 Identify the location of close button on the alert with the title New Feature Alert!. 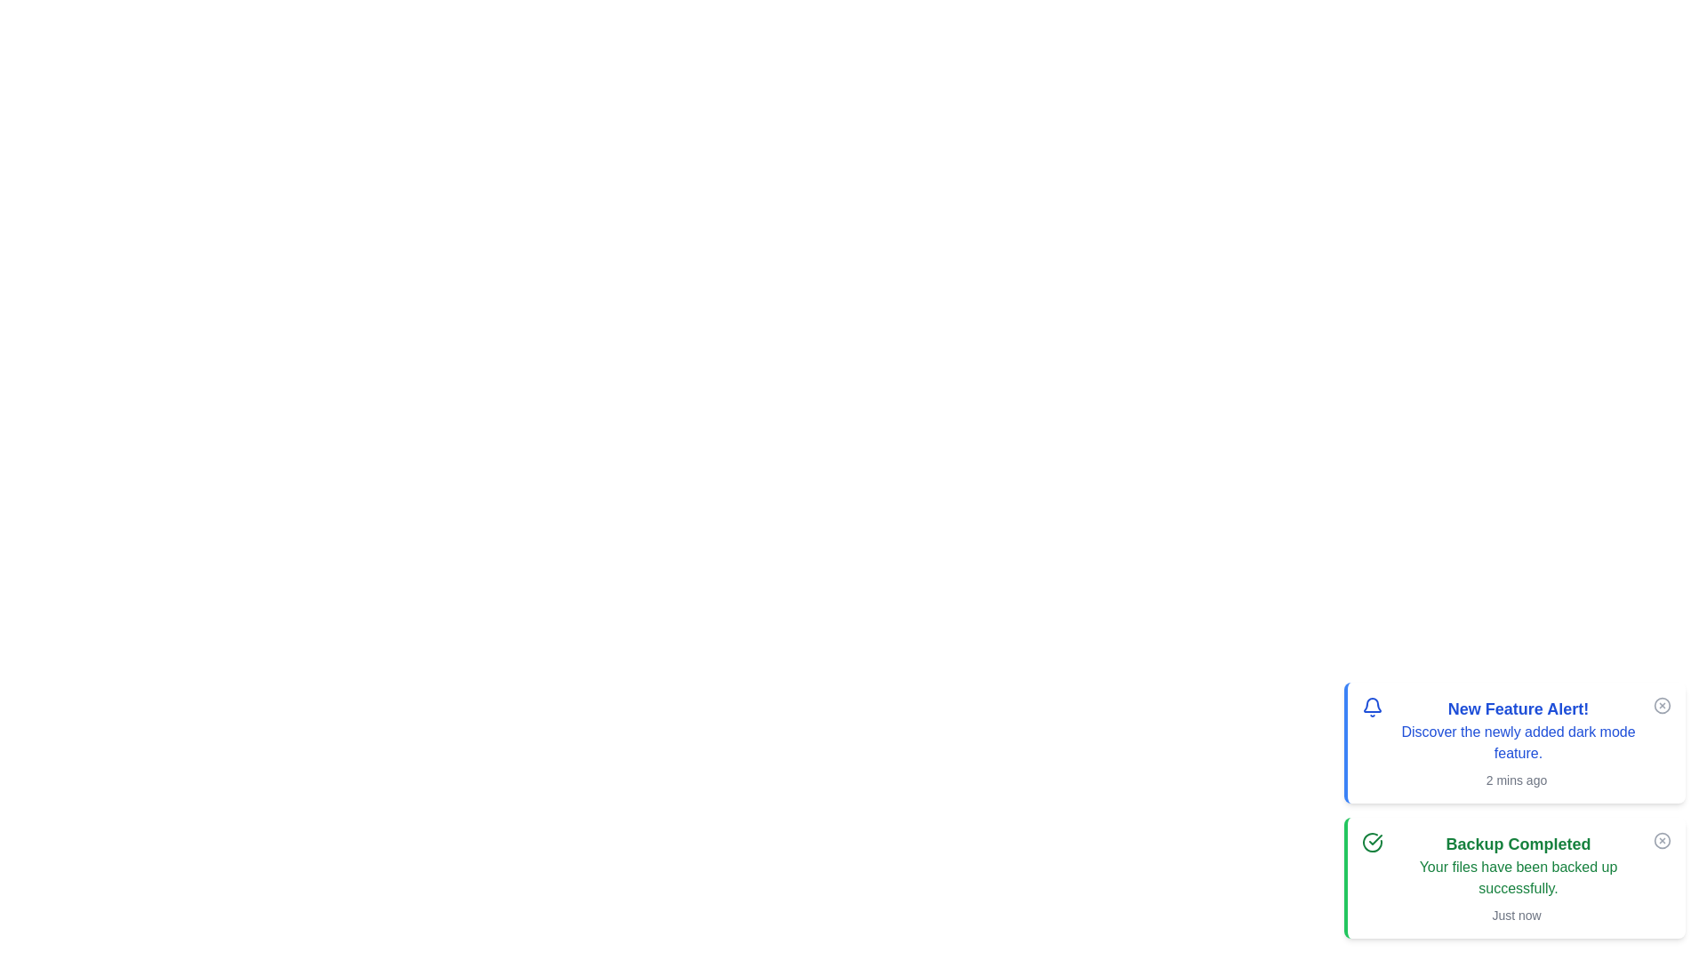
(1662, 705).